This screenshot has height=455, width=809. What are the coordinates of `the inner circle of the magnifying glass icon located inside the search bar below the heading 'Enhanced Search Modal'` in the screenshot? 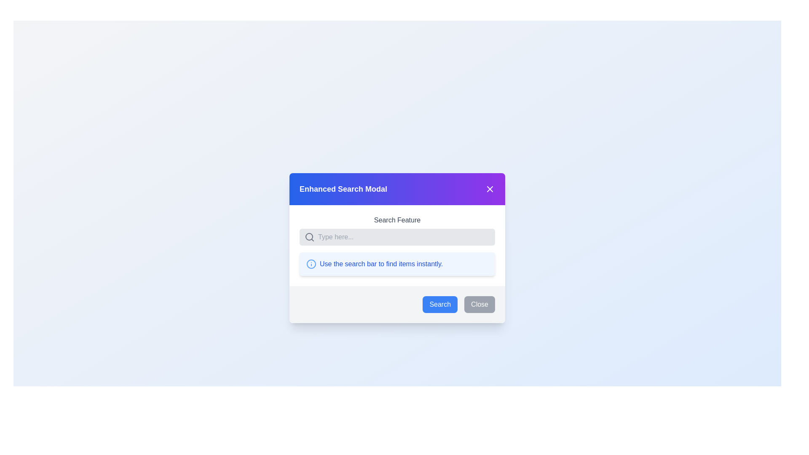 It's located at (309, 237).